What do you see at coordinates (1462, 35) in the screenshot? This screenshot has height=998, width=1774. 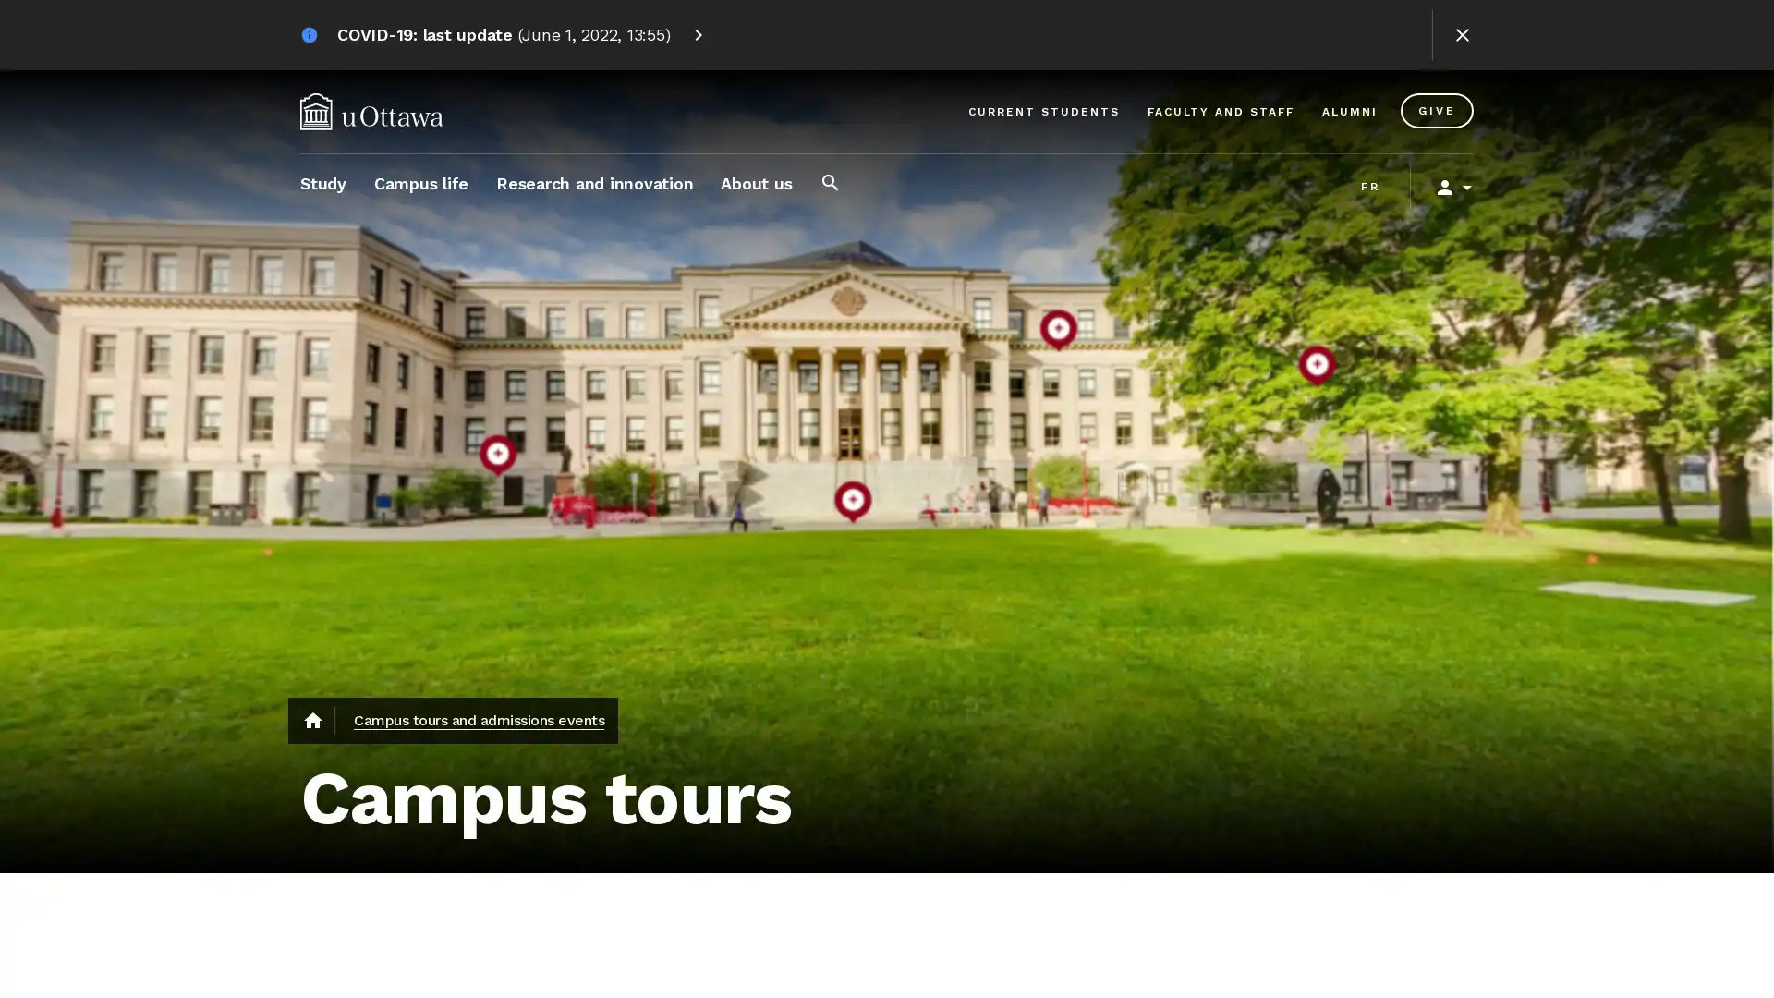 I see `Dismiss alert` at bounding box center [1462, 35].